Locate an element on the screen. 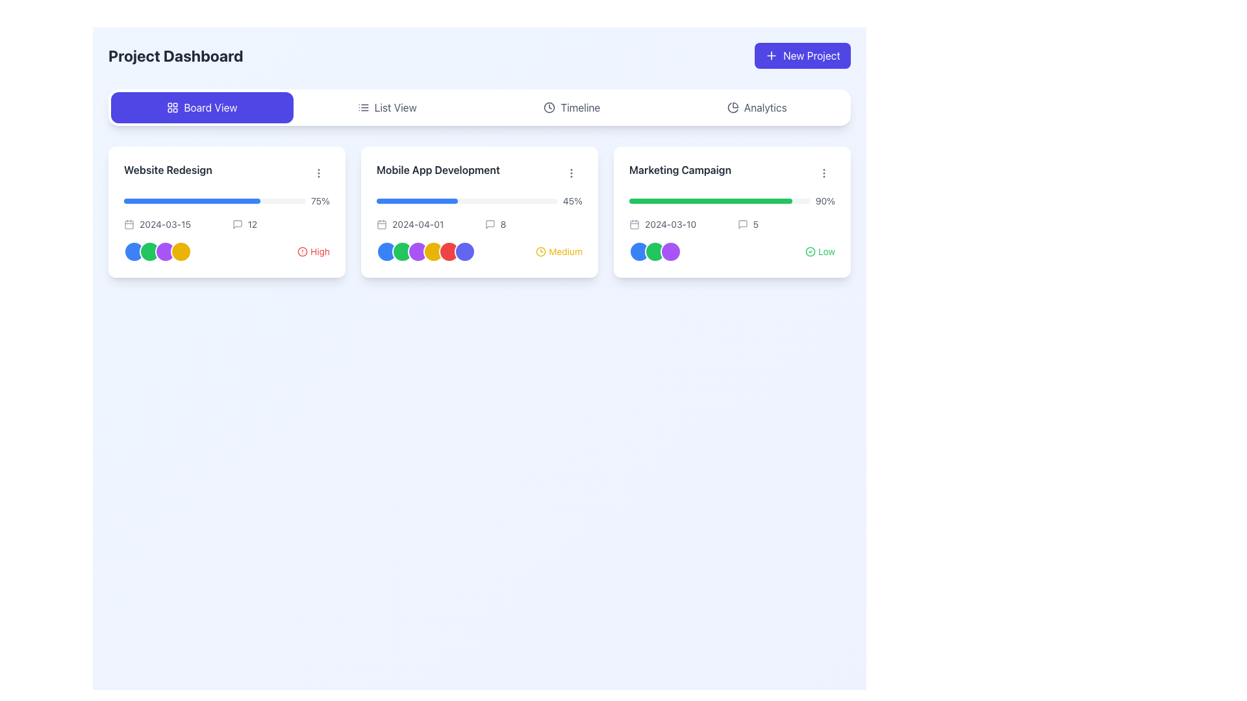 This screenshot has height=701, width=1247. the text label representing the title of the card labeled 'Marketing Campaign', positioned at the top-left corner of the rightmost card is located at coordinates (679, 169).